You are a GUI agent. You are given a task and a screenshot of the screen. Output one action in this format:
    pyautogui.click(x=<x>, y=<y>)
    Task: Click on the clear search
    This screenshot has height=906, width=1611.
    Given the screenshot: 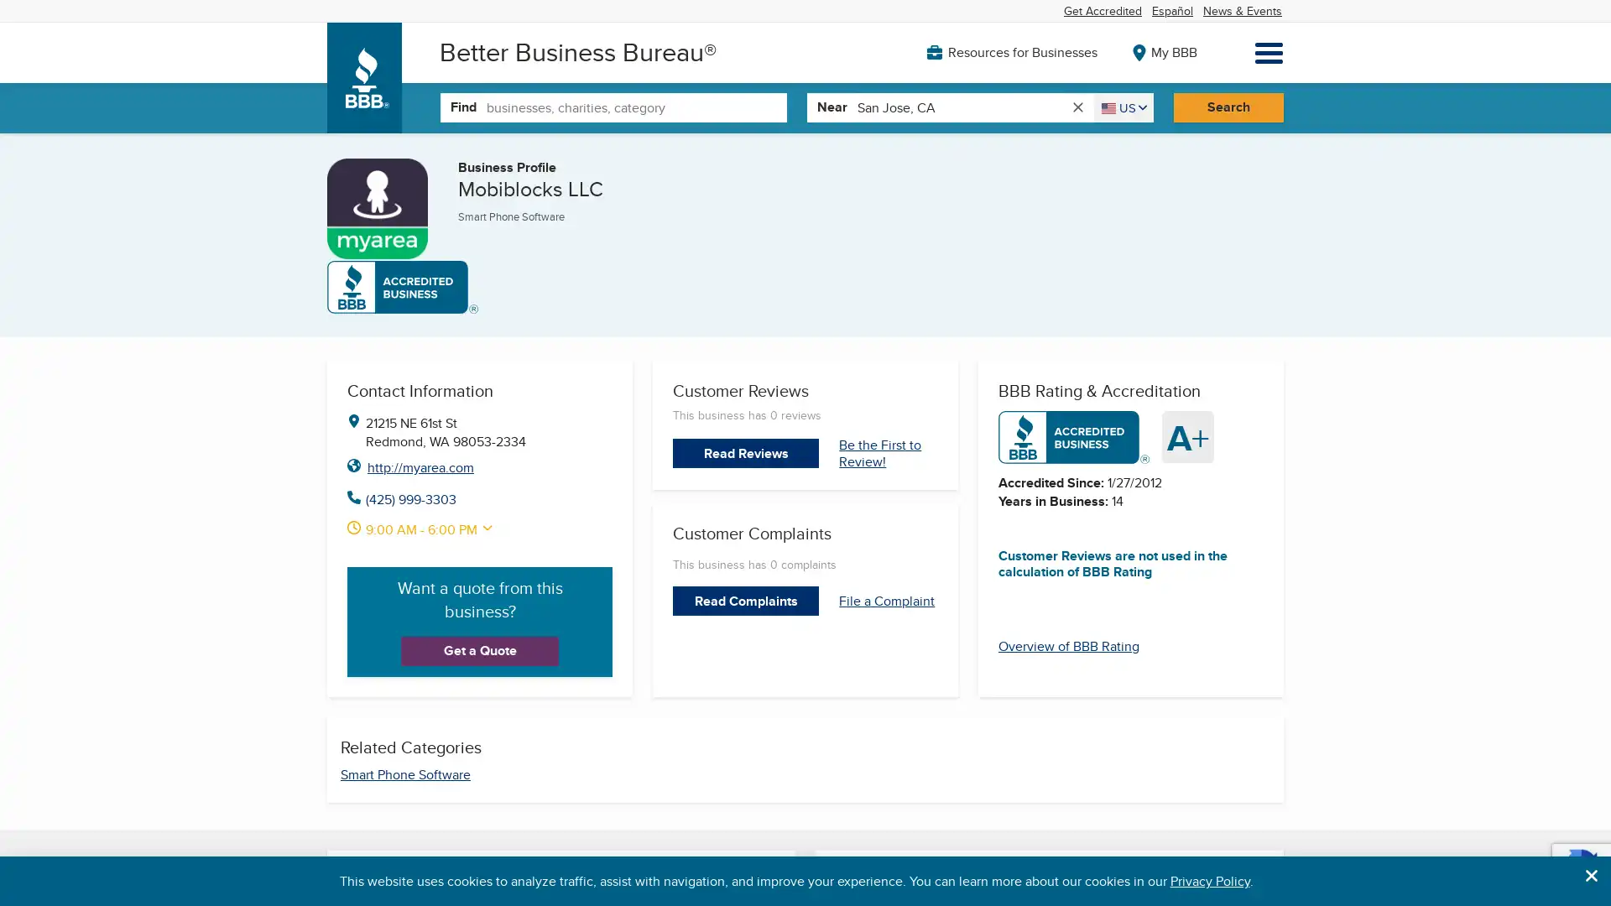 What is the action you would take?
    pyautogui.click(x=1077, y=107)
    